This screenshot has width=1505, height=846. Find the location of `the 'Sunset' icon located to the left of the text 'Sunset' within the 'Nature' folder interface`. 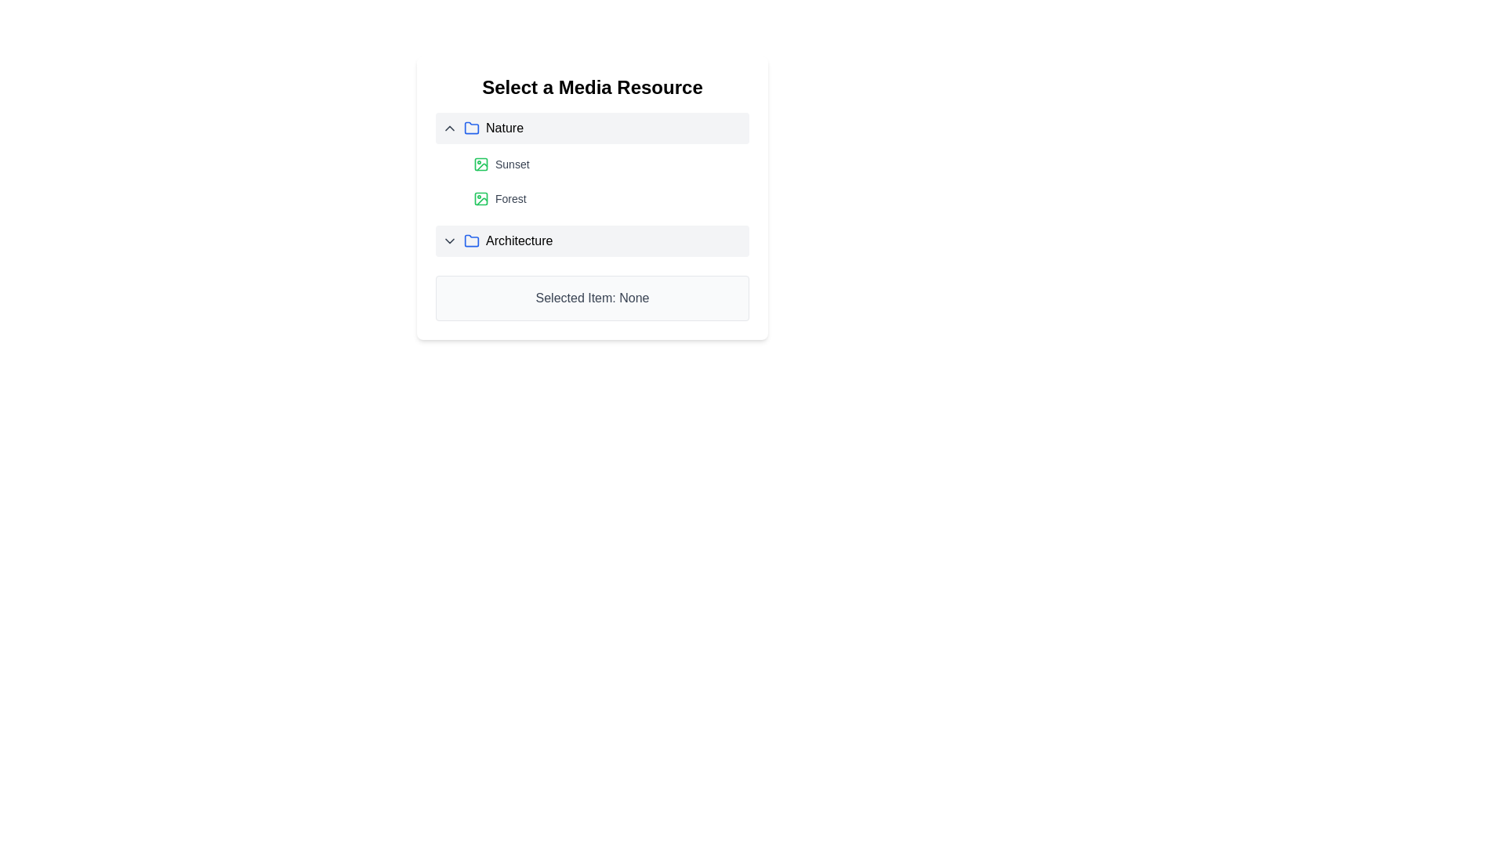

the 'Sunset' icon located to the left of the text 'Sunset' within the 'Nature' folder interface is located at coordinates (481, 164).